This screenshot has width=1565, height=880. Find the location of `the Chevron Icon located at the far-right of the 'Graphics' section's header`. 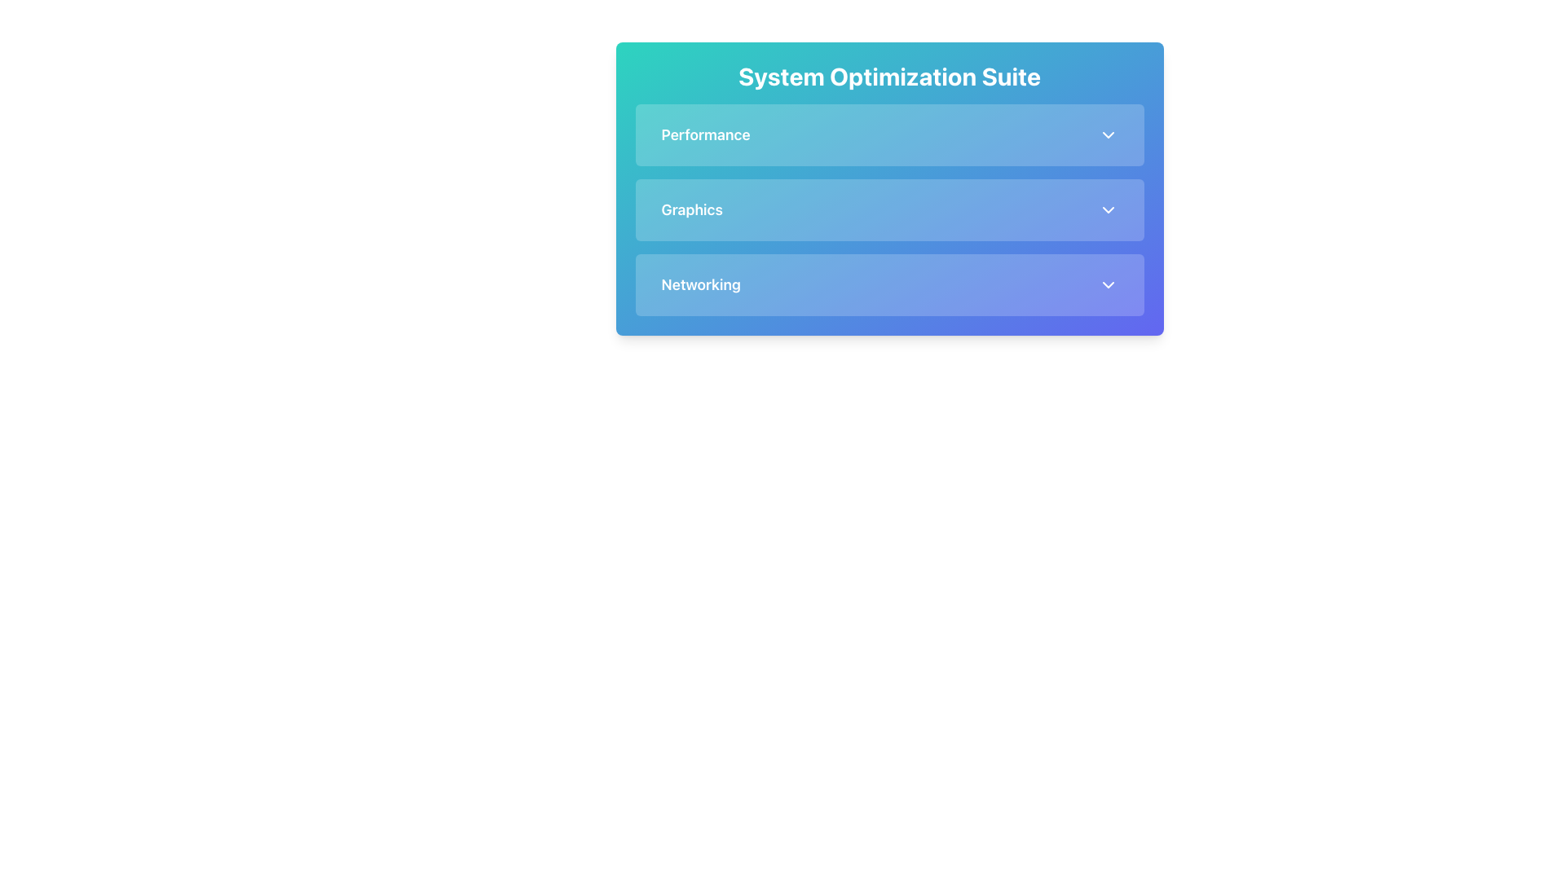

the Chevron Icon located at the far-right of the 'Graphics' section's header is located at coordinates (1108, 209).